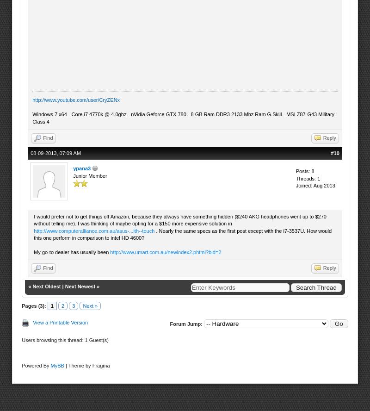  What do you see at coordinates (65, 339) in the screenshot?
I see `'Users browsing this thread: 1 Guest(s)'` at bounding box center [65, 339].